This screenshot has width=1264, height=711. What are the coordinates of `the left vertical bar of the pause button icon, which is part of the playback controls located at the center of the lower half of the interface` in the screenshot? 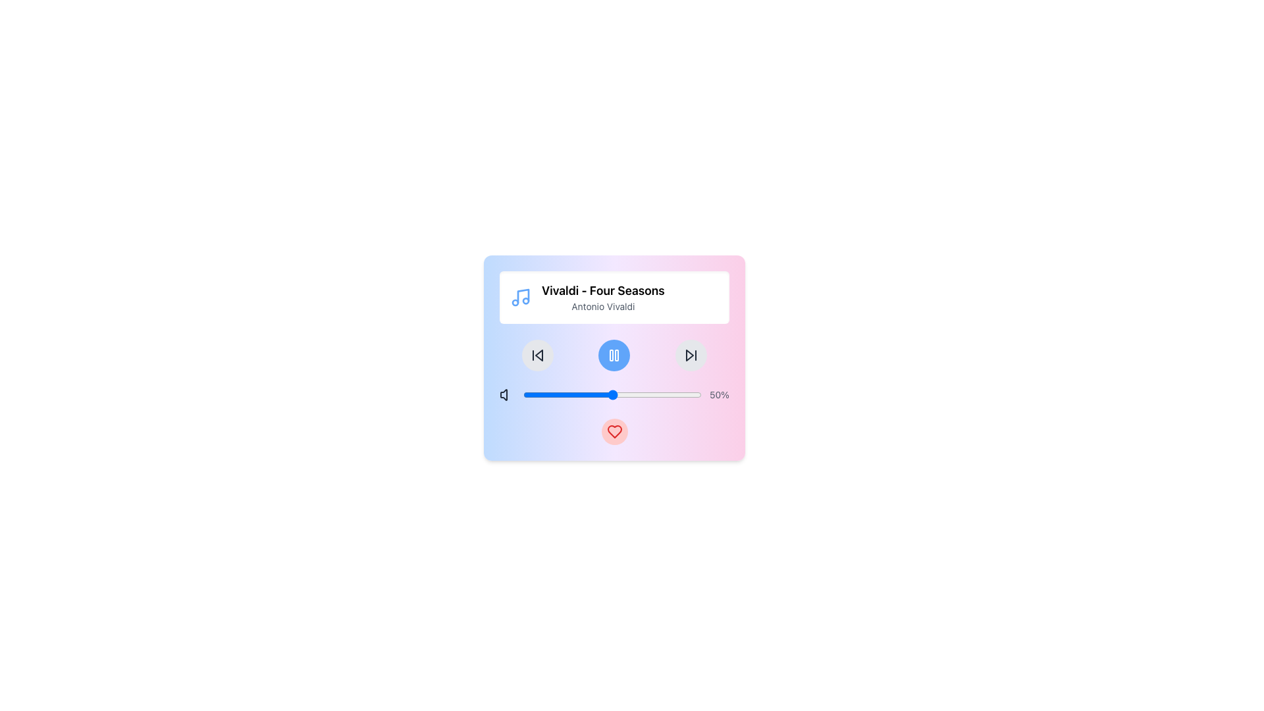 It's located at (611, 355).